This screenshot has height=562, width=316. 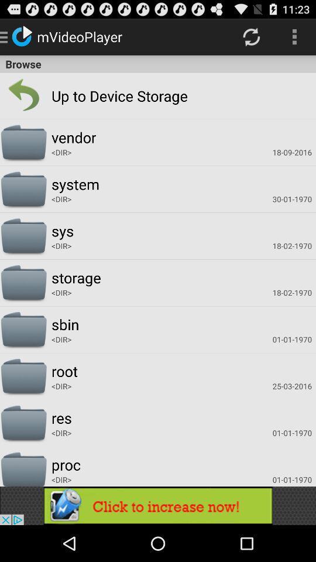 What do you see at coordinates (250, 36) in the screenshot?
I see `app next to the mvideoplayer icon` at bounding box center [250, 36].